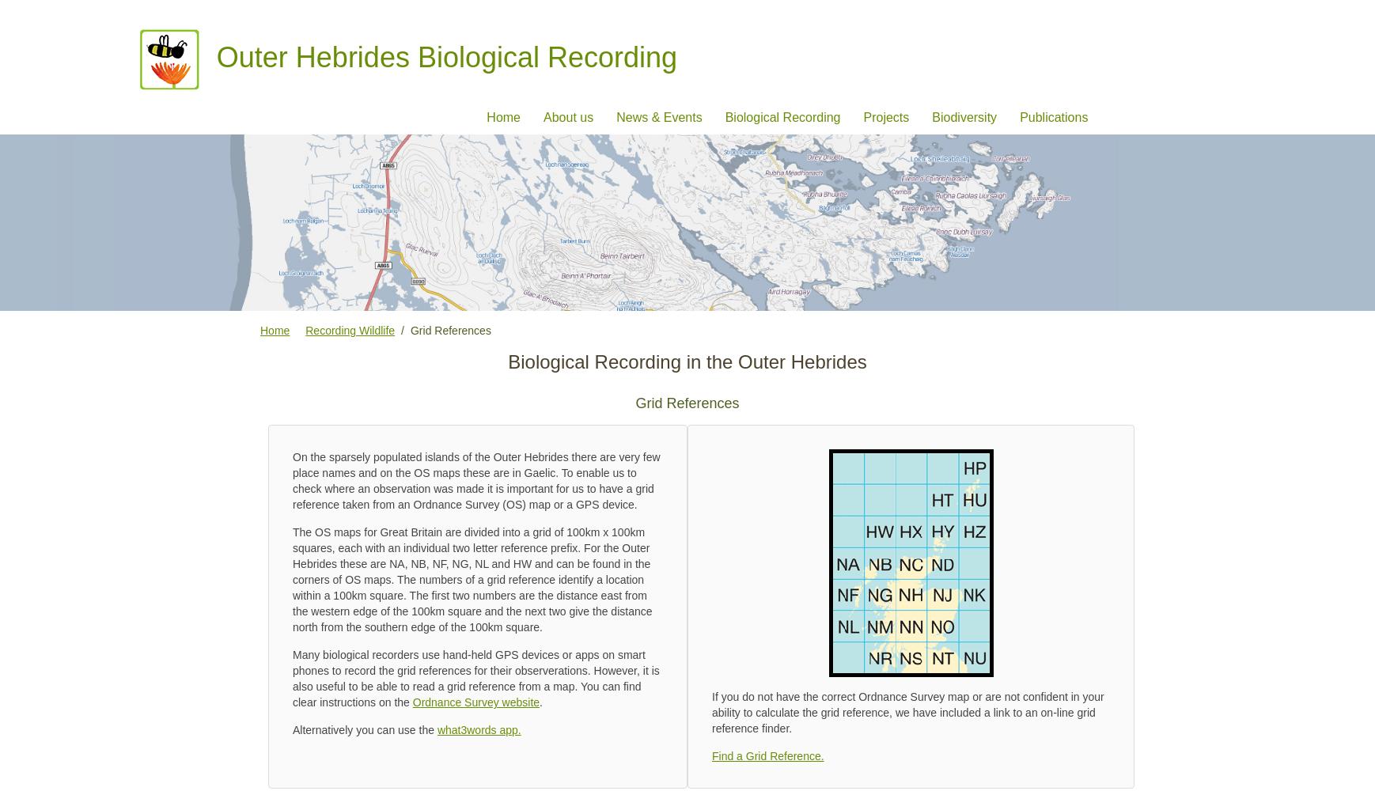  Describe the element at coordinates (1019, 116) in the screenshot. I see `'Publications'` at that location.